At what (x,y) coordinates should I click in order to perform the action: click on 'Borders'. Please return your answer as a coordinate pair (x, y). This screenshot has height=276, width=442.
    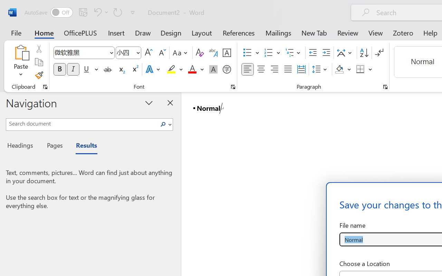
    Looking at the image, I should click on (360, 69).